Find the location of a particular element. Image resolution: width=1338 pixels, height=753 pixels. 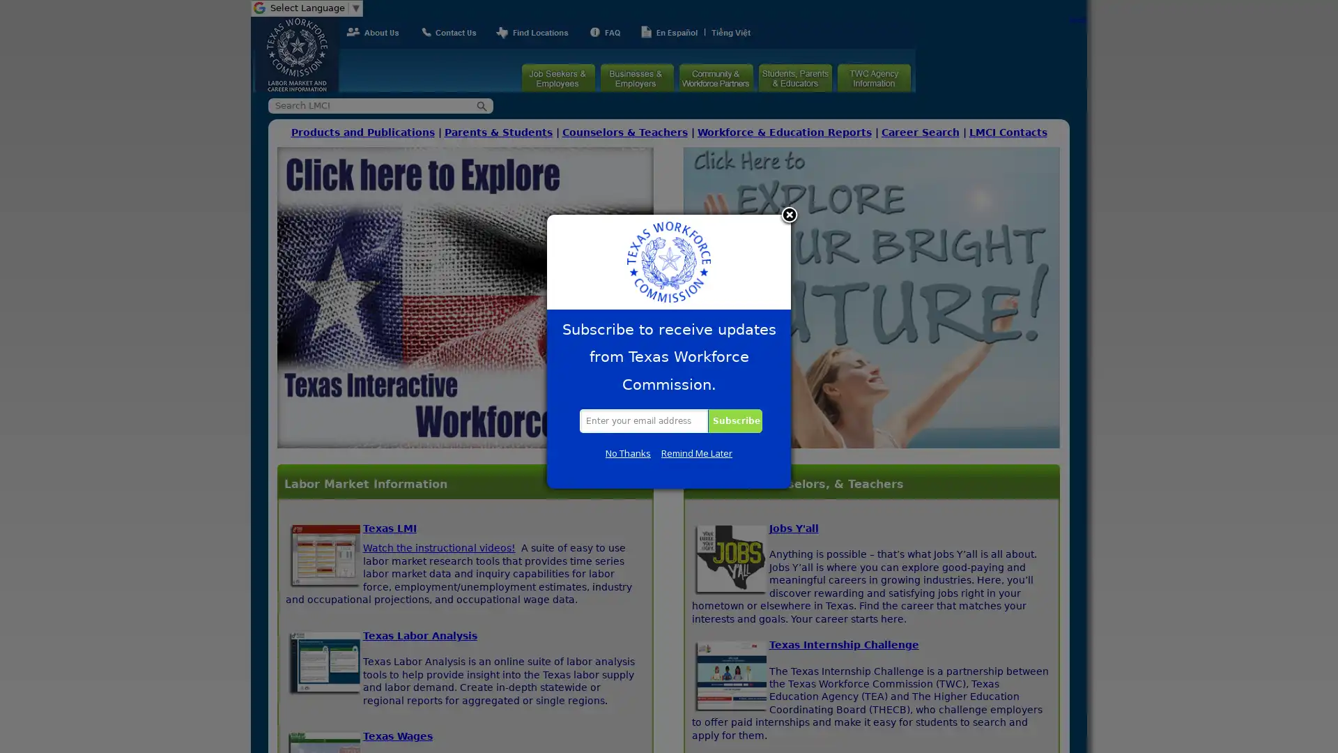

Remind Me Later is located at coordinates (696, 453).